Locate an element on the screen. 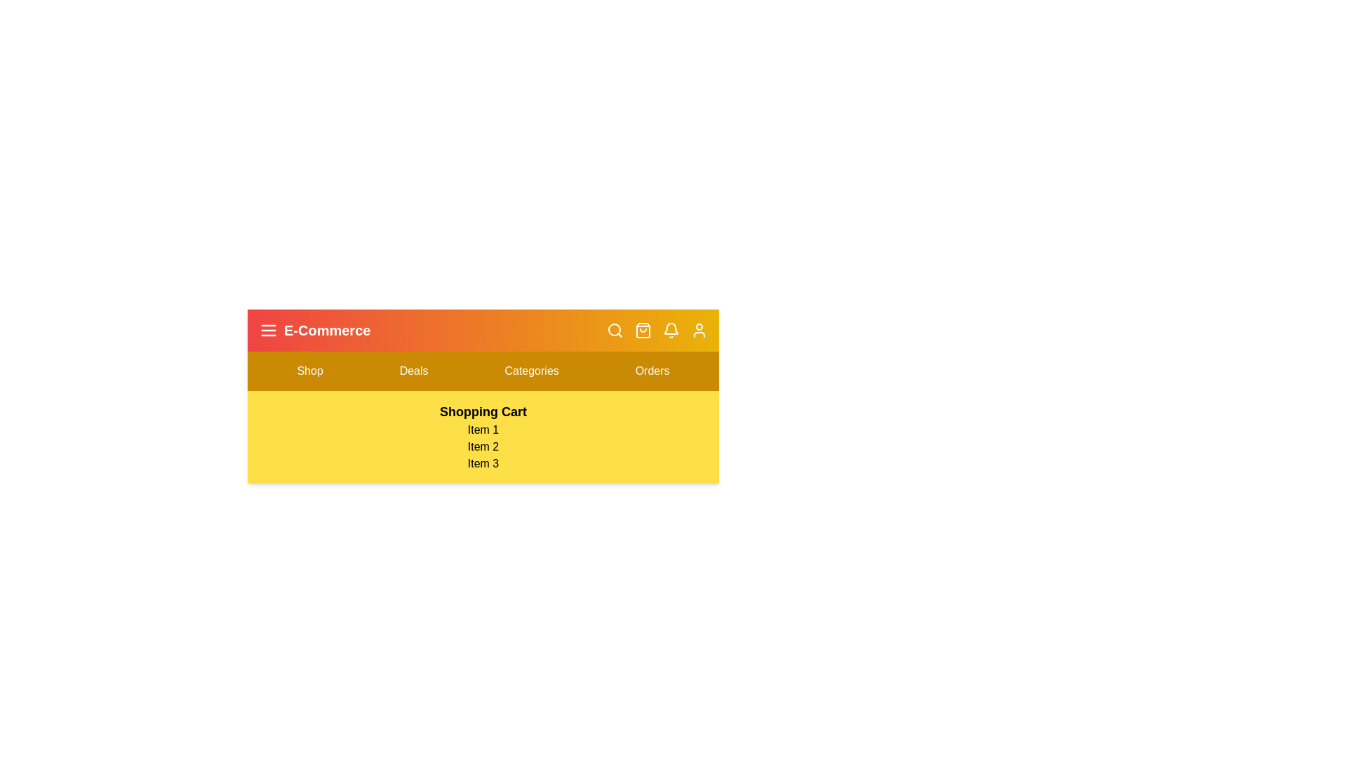  the search icon to toggle the search bar is located at coordinates (615, 330).